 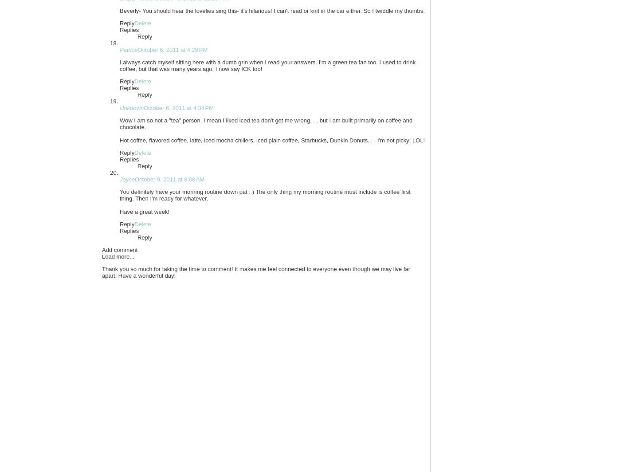 What do you see at coordinates (172, 50) in the screenshot?
I see `'October 6, 2011 at 4:29 PM'` at bounding box center [172, 50].